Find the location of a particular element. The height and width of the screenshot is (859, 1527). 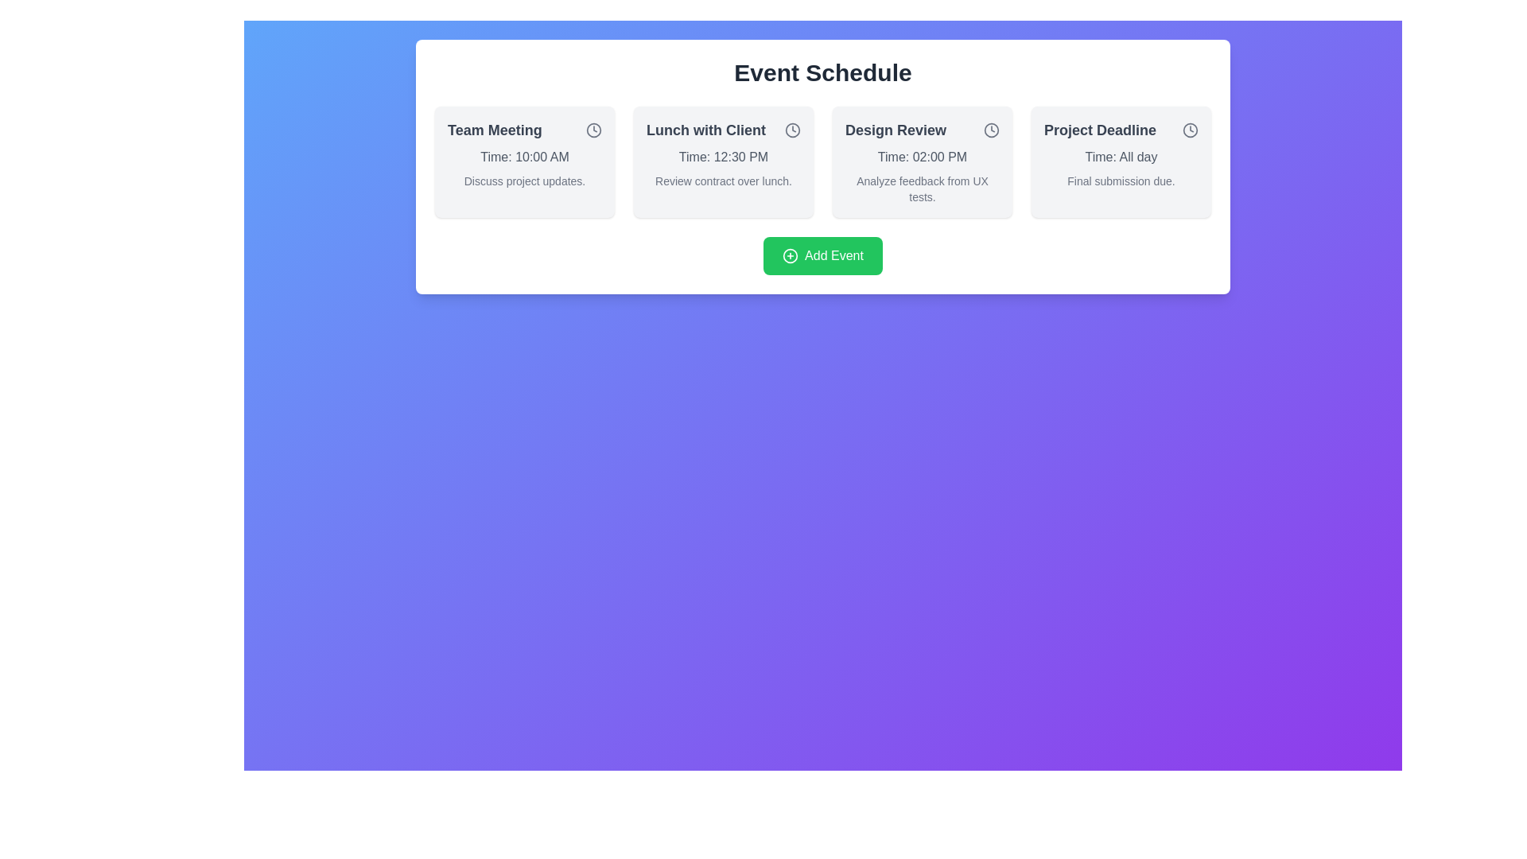

the Text Label displaying the event title located centrally in the interface under the 'Event Schedule' heading, specifically within the second card of a grid of four cards is located at coordinates (723, 130).